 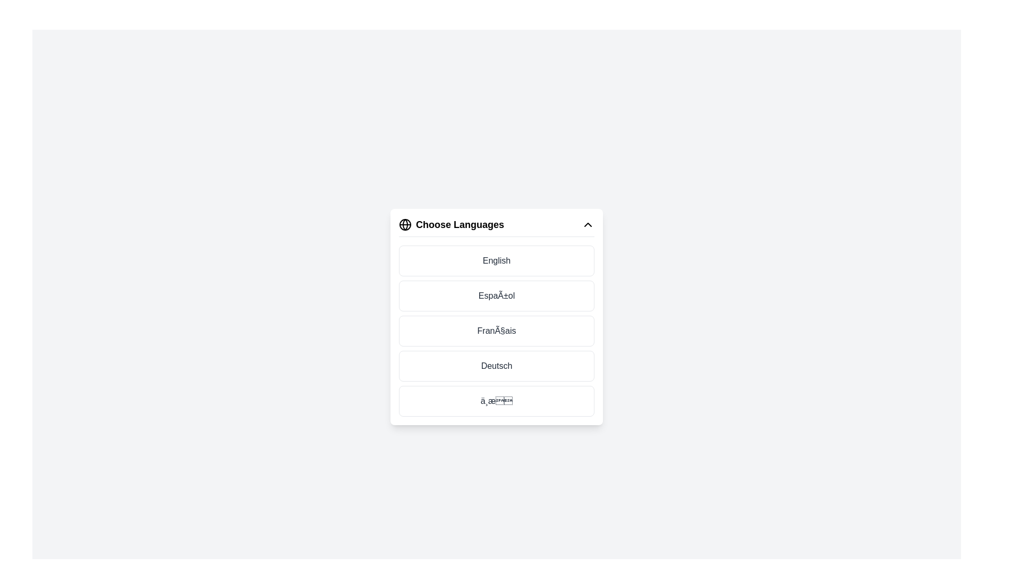 What do you see at coordinates (405, 224) in the screenshot?
I see `the globe icon, which is a dark circular outline with latitude and longitude details, located to the left of the 'Choose Languages' text at the top-center of the interface` at bounding box center [405, 224].